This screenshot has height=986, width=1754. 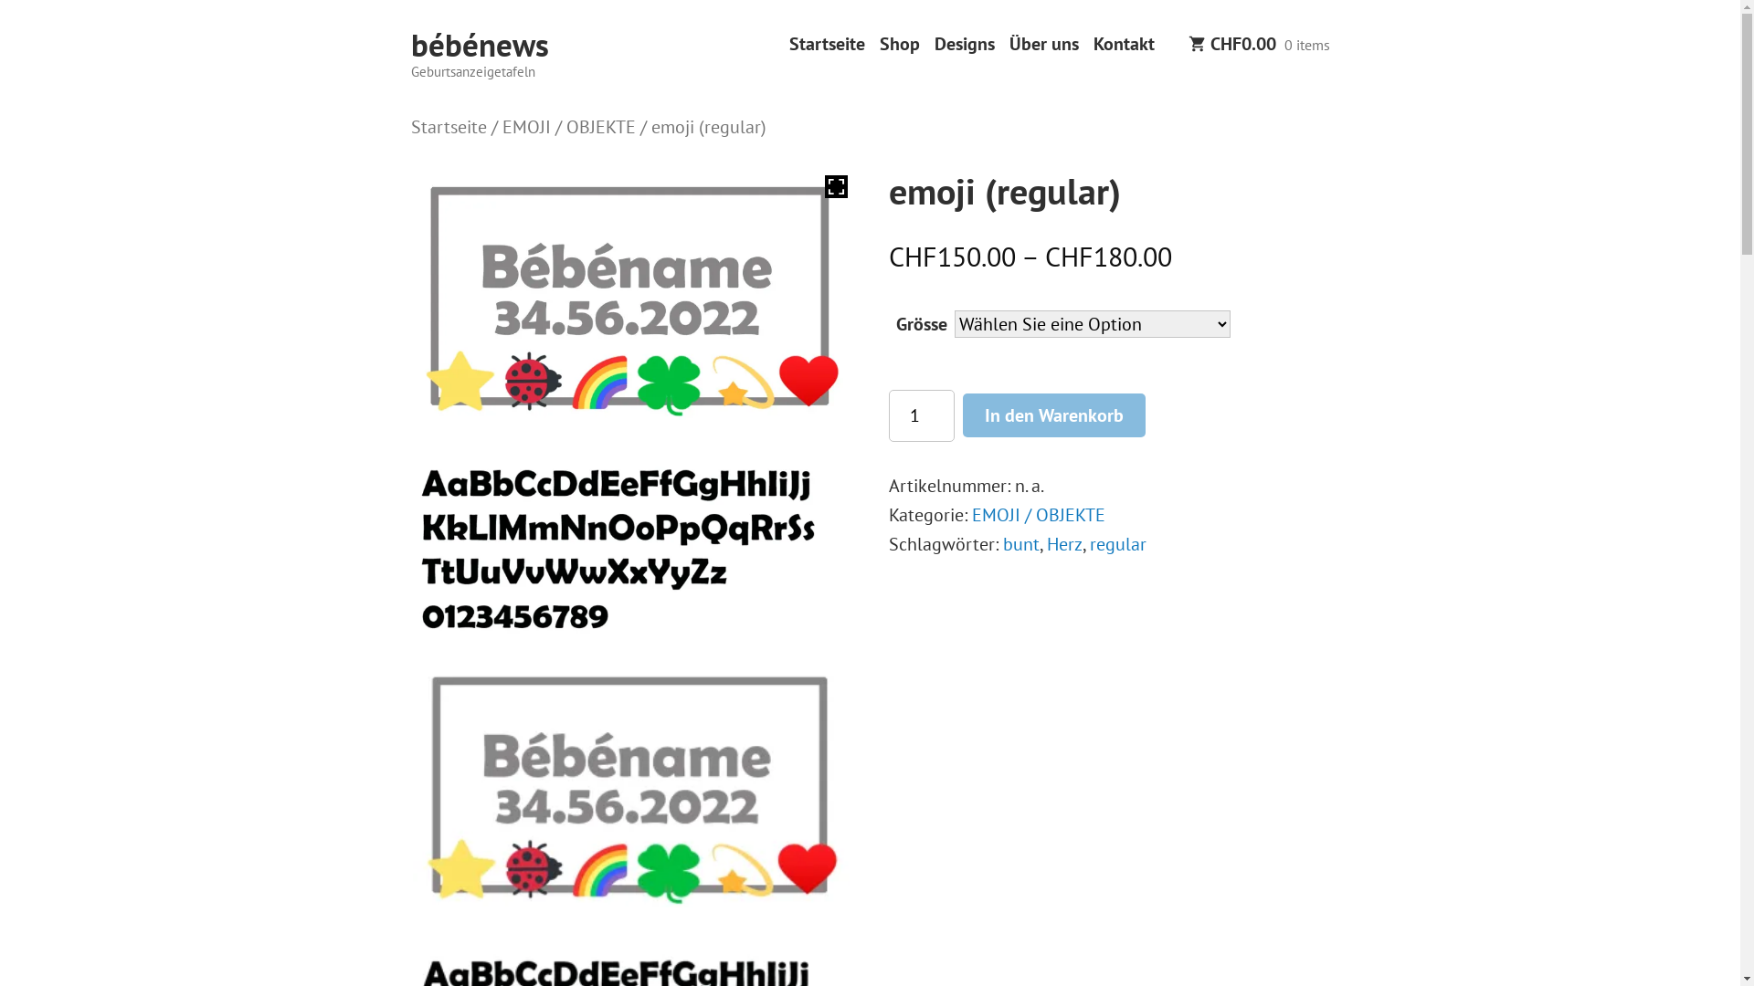 I want to click on 'Startseite', so click(x=826, y=43).